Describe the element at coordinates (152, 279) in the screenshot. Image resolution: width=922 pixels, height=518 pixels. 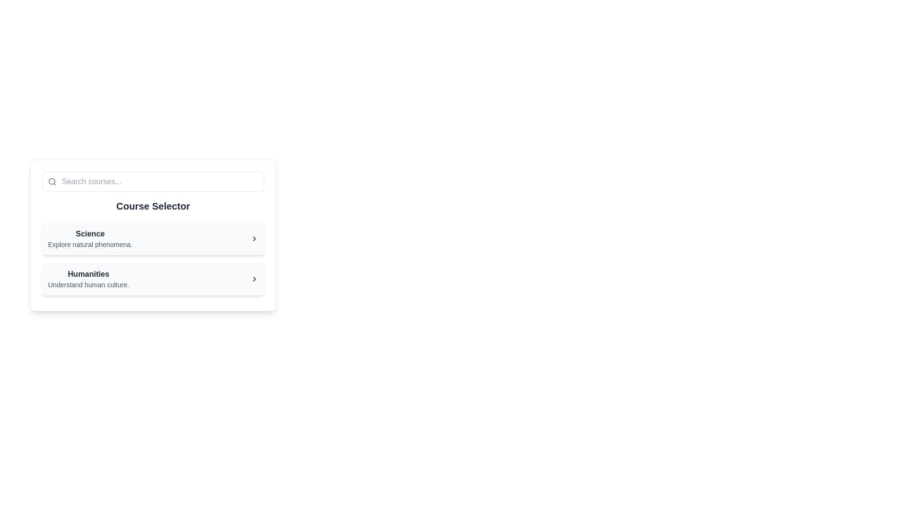
I see `the second selectable list item in the 'Course Selector' labeled 'Humanities'` at that location.